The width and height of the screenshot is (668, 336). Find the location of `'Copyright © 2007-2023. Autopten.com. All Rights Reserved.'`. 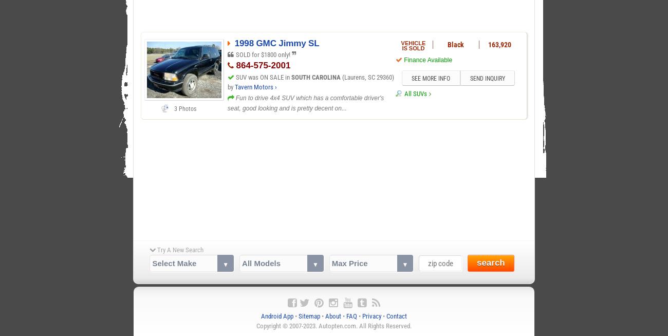

'Copyright © 2007-2023. Autopten.com. All Rights Reserved.' is located at coordinates (334, 326).